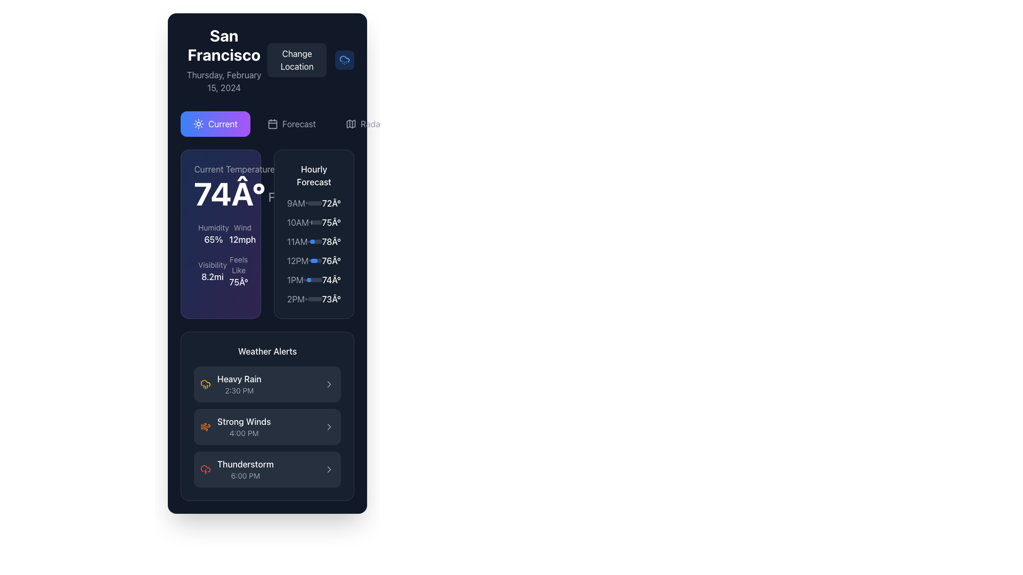 The height and width of the screenshot is (575, 1023). Describe the element at coordinates (296, 203) in the screenshot. I see `the text label displaying '9AM' in light gray within the Hourly Forecast section of the weather panel` at that location.